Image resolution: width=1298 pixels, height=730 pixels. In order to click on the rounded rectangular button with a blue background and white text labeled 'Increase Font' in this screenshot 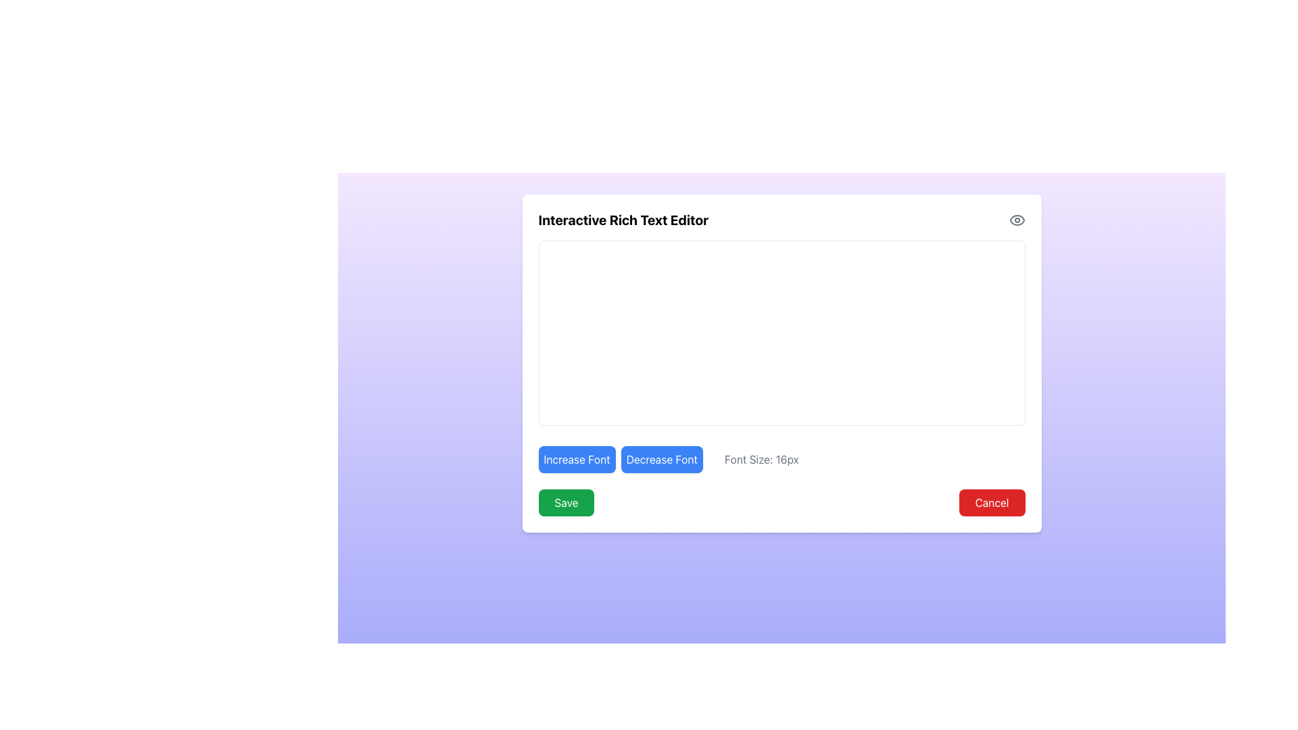, I will do `click(577, 458)`.